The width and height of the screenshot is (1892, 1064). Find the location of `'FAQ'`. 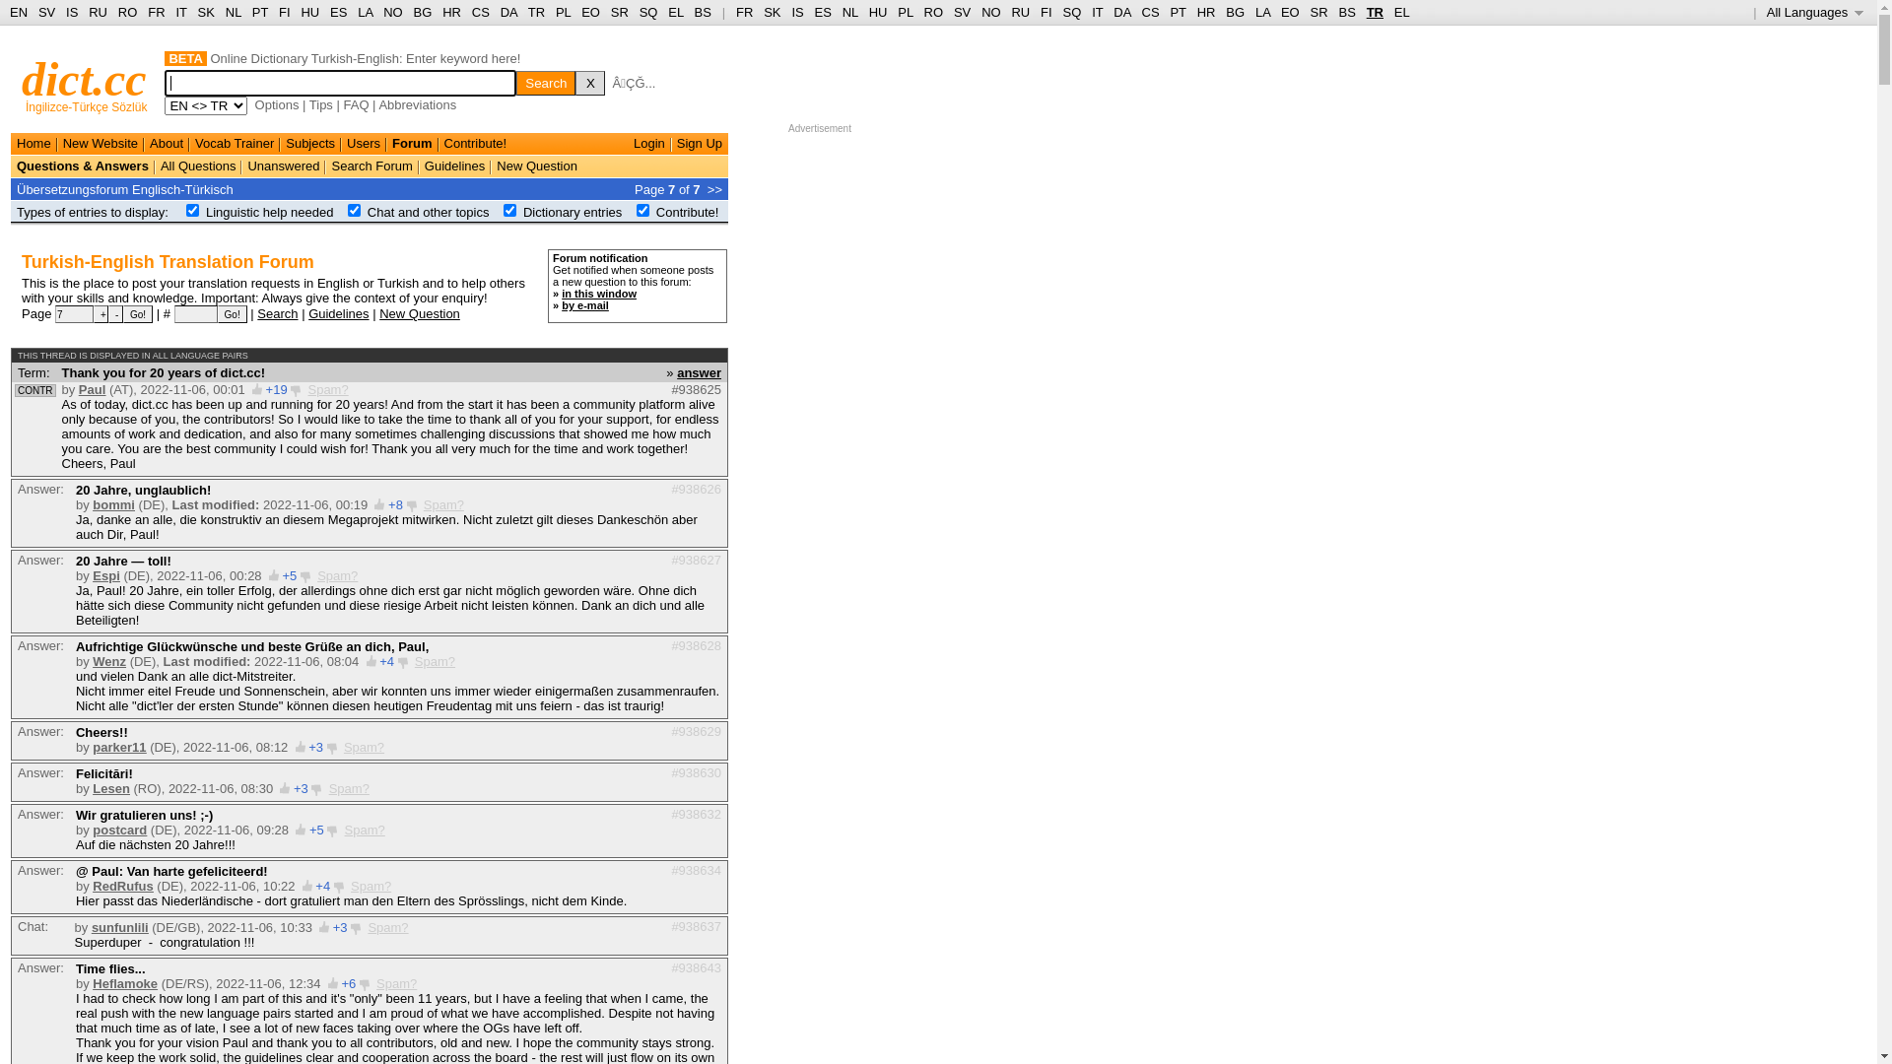

'FAQ' is located at coordinates (355, 104).